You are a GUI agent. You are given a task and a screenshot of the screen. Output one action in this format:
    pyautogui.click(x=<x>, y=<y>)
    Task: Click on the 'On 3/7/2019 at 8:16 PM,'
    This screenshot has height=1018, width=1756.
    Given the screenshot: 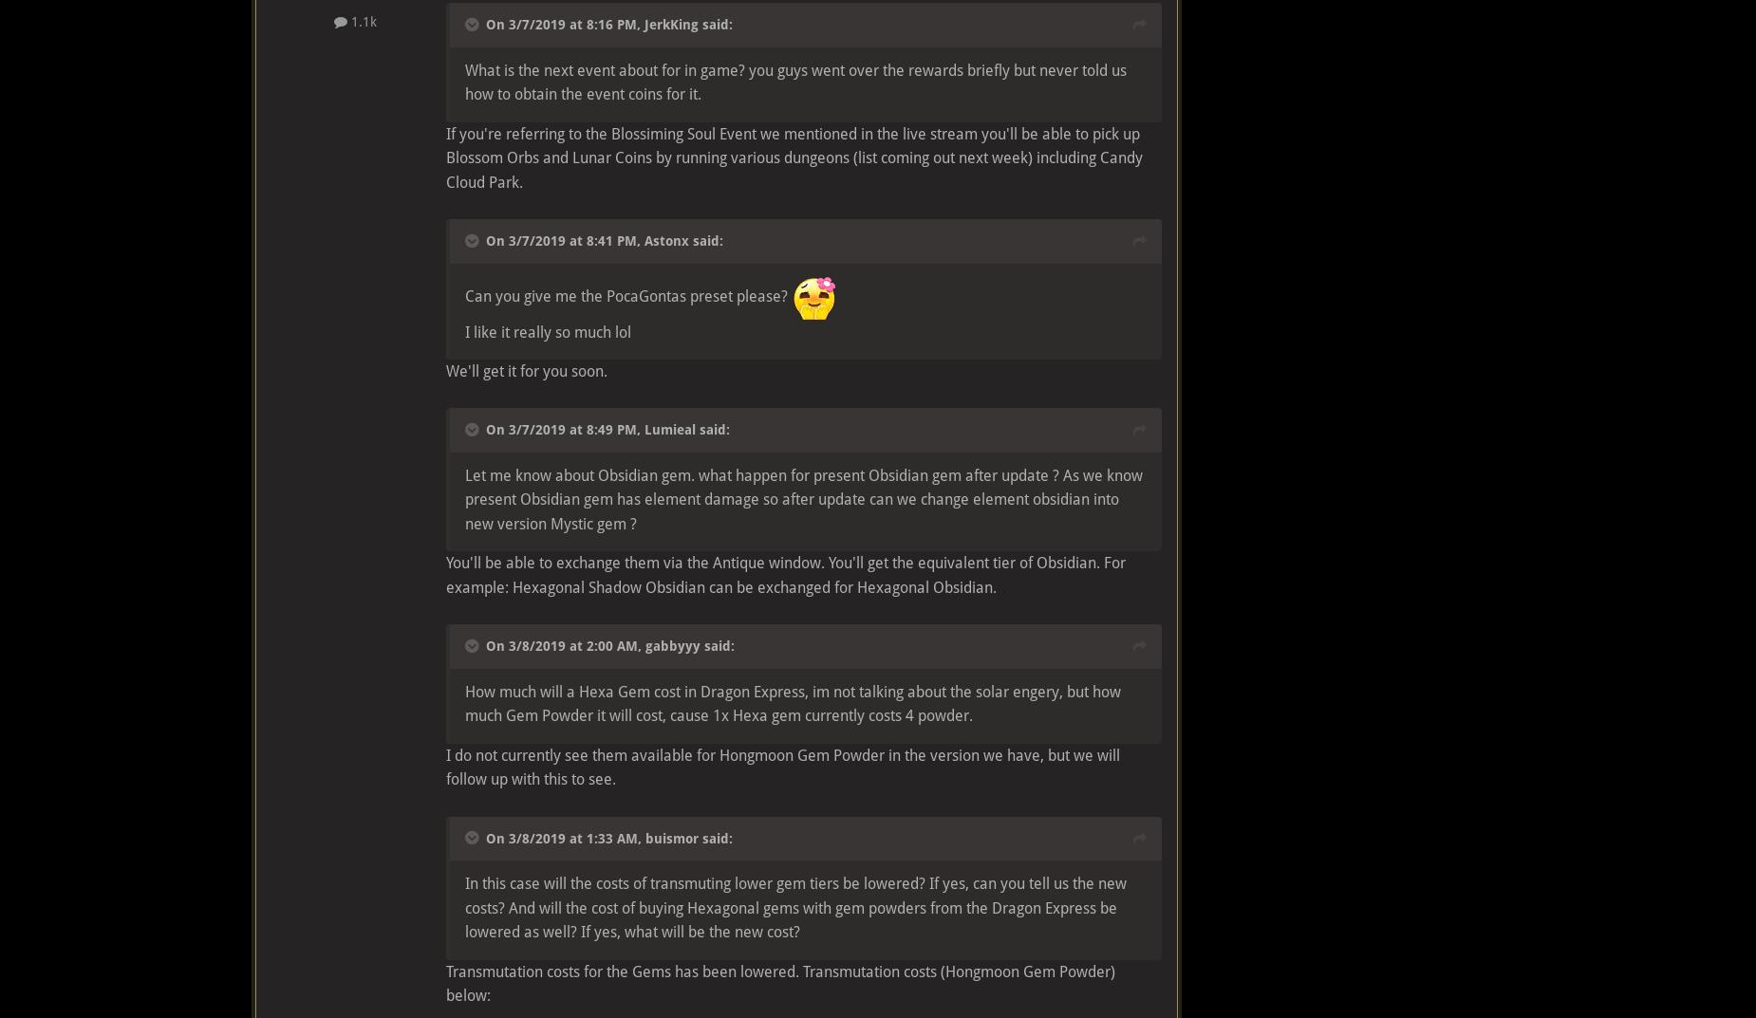 What is the action you would take?
    pyautogui.click(x=565, y=23)
    